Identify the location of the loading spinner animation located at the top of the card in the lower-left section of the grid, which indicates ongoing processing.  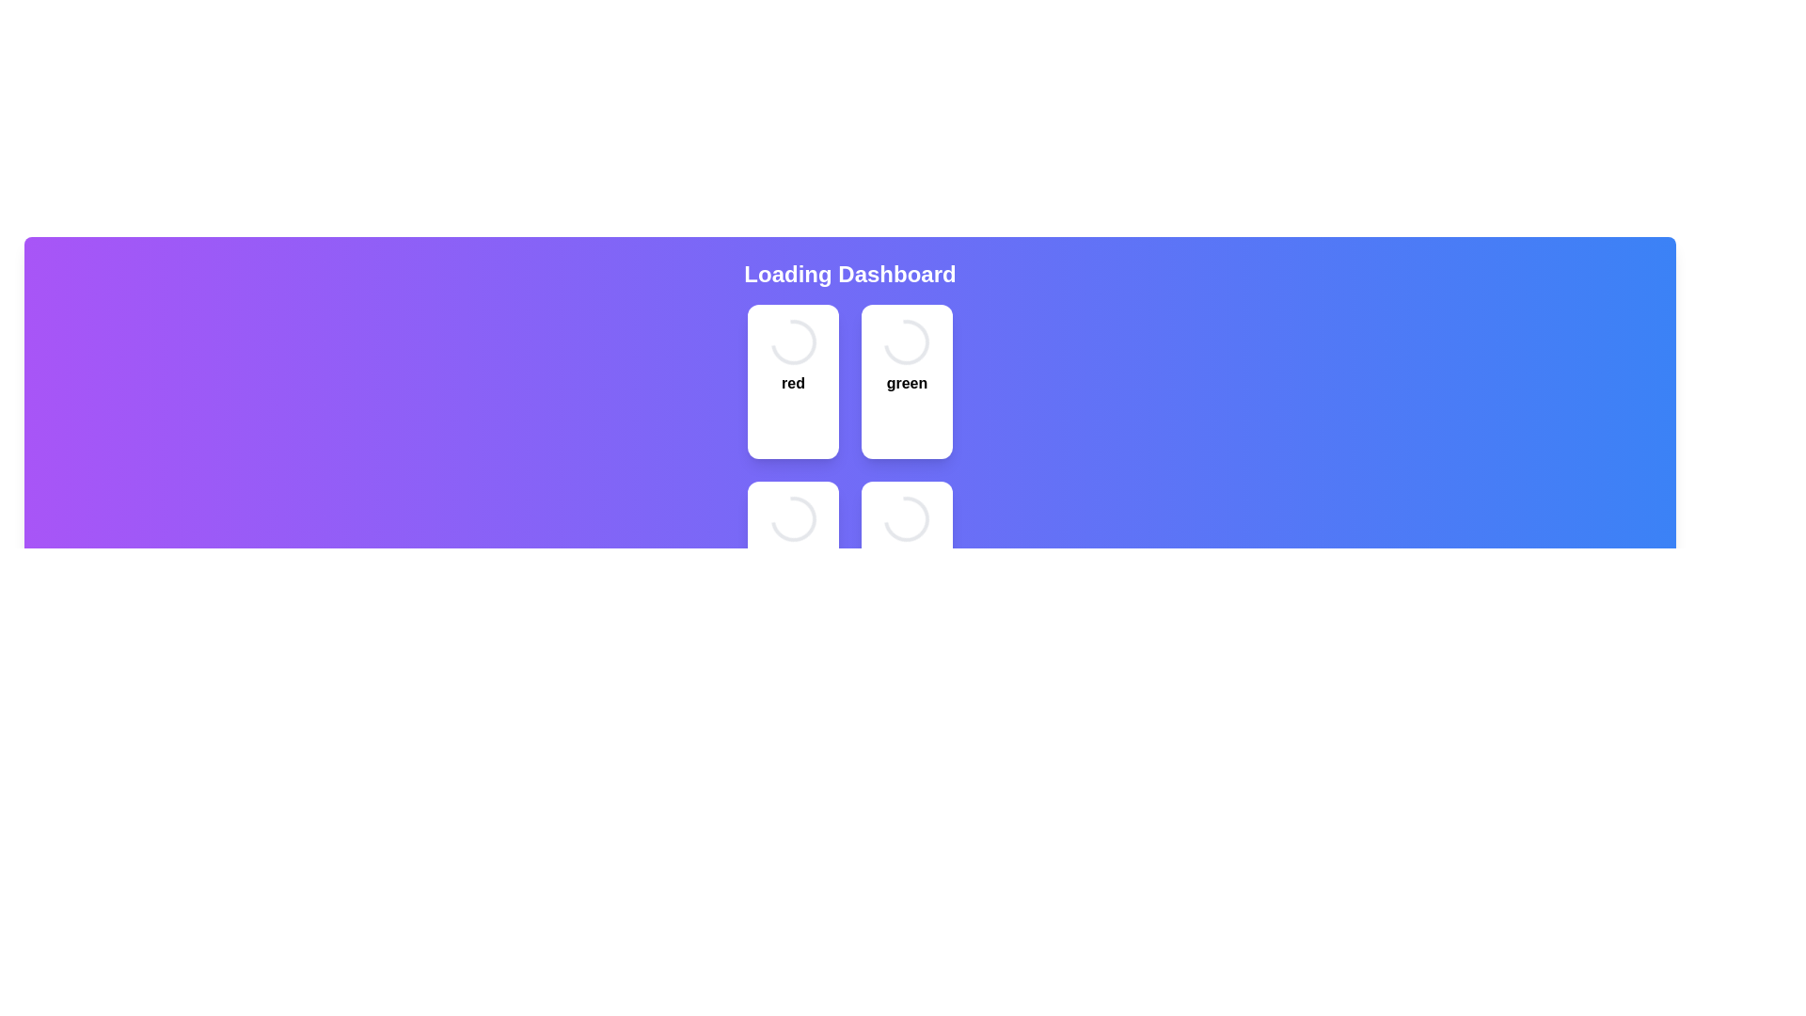
(793, 518).